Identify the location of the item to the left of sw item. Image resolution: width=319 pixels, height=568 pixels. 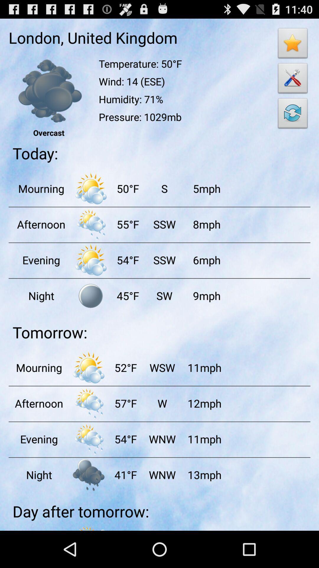
(127, 296).